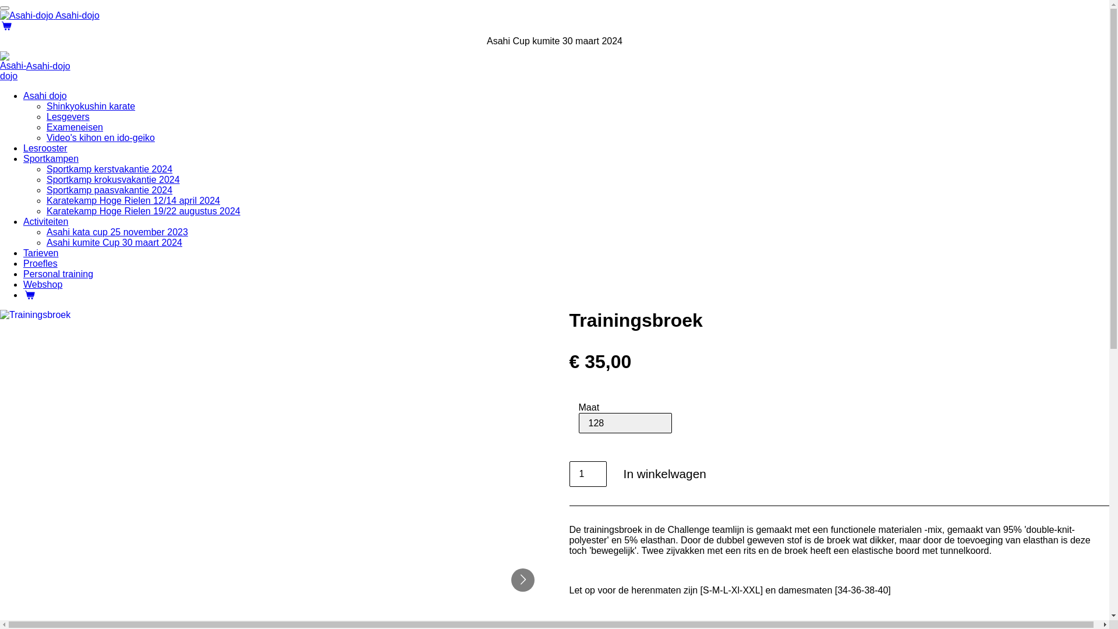 Image resolution: width=1118 pixels, height=629 pixels. I want to click on 'Winkelwagen', so click(30, 294).